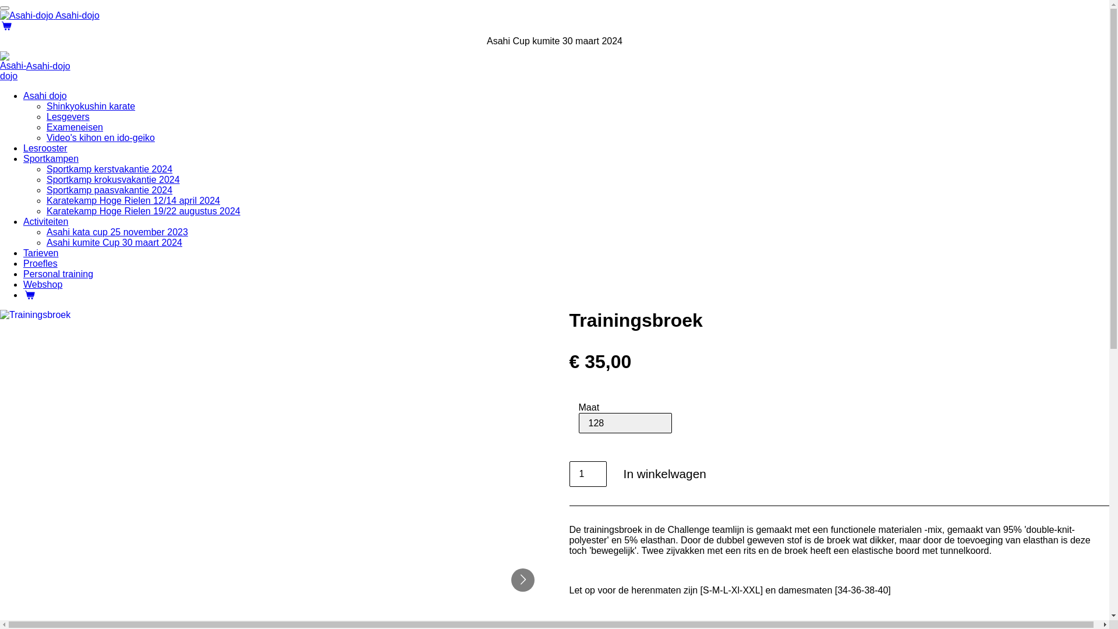 Image resolution: width=1118 pixels, height=629 pixels. I want to click on 'Winkelwagen', so click(30, 294).